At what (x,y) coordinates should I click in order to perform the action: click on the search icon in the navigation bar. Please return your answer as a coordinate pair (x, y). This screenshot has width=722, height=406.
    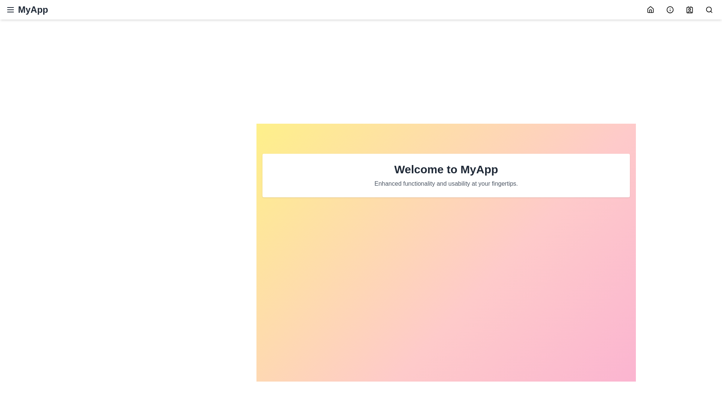
    Looking at the image, I should click on (709, 10).